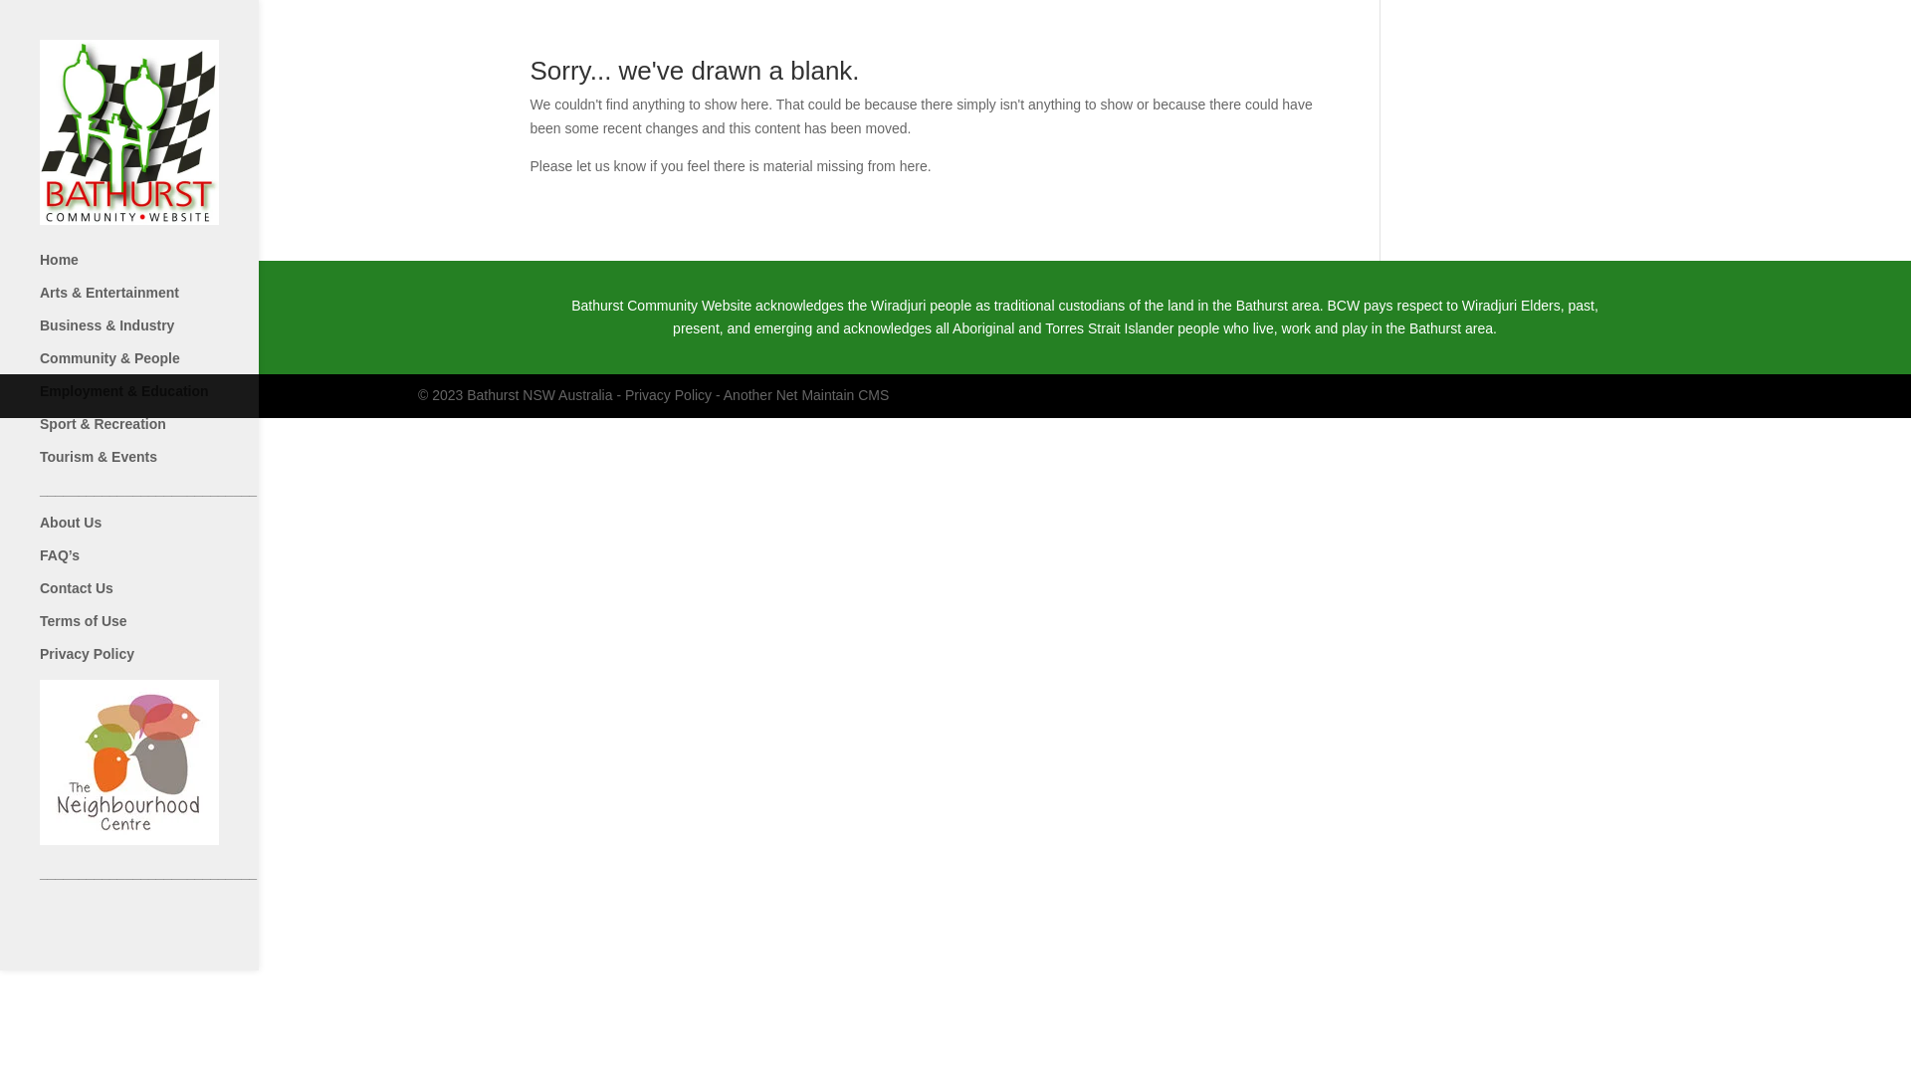 The height and width of the screenshot is (1075, 1911). I want to click on 'Terms of Use', so click(167, 629).